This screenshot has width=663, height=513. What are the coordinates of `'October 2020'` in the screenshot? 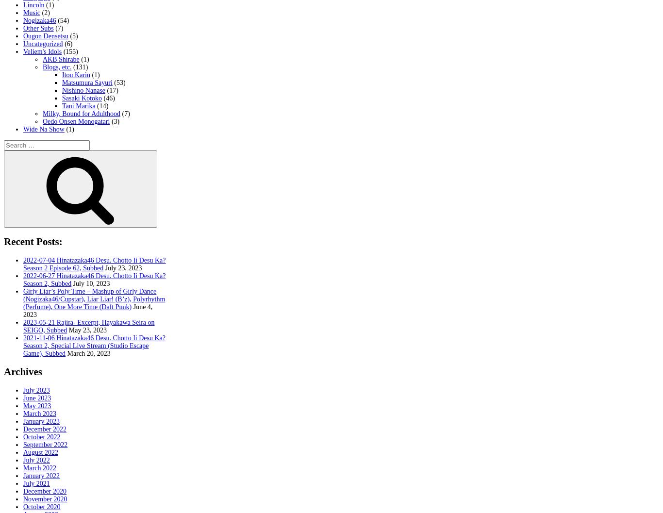 It's located at (42, 506).